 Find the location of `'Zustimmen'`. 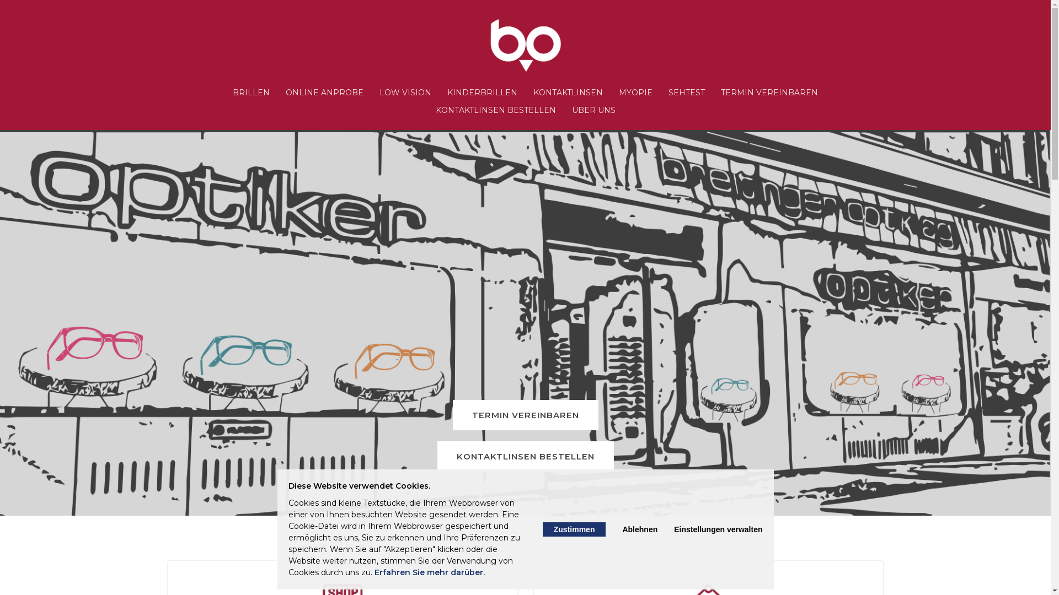

'Zustimmen' is located at coordinates (574, 528).